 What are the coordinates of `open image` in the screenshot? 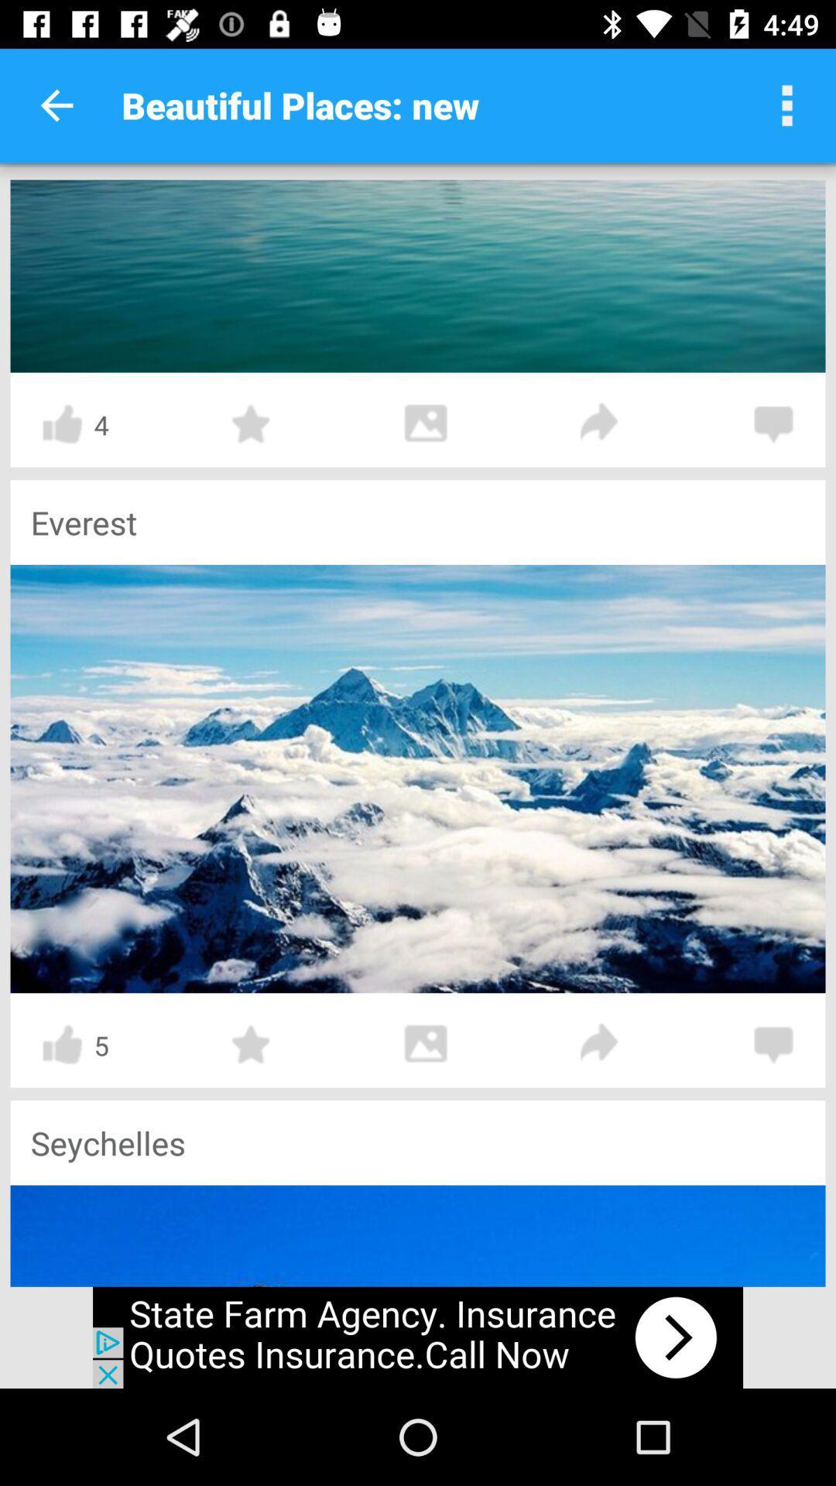 It's located at (418, 779).